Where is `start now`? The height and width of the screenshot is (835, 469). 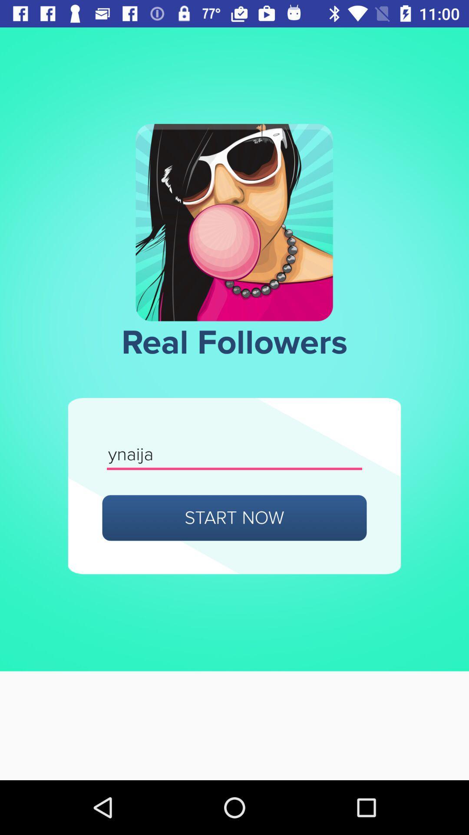 start now is located at coordinates (234, 518).